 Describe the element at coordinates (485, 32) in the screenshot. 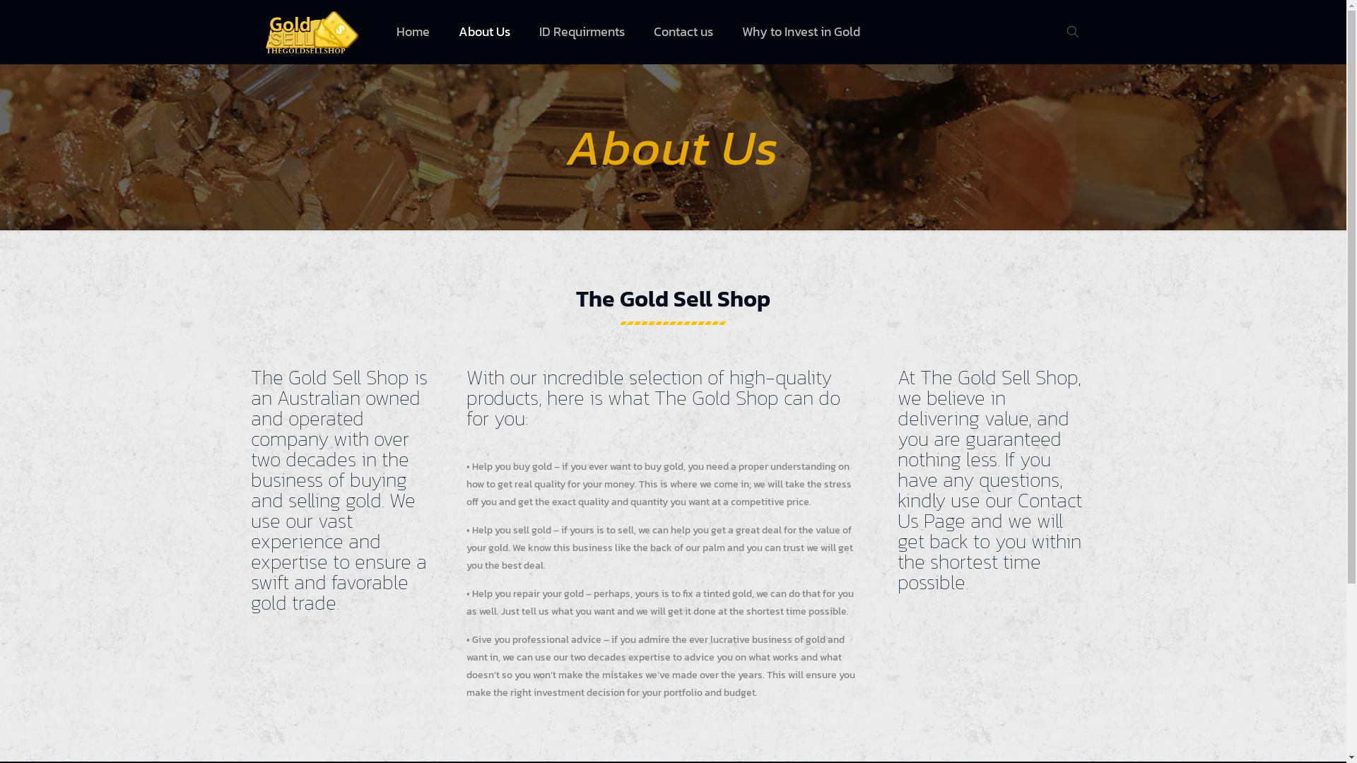

I see `'About Us'` at that location.